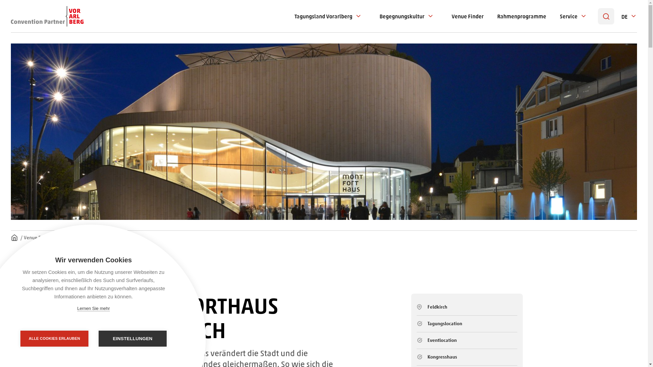  What do you see at coordinates (568, 16) in the screenshot?
I see `'Service'` at bounding box center [568, 16].